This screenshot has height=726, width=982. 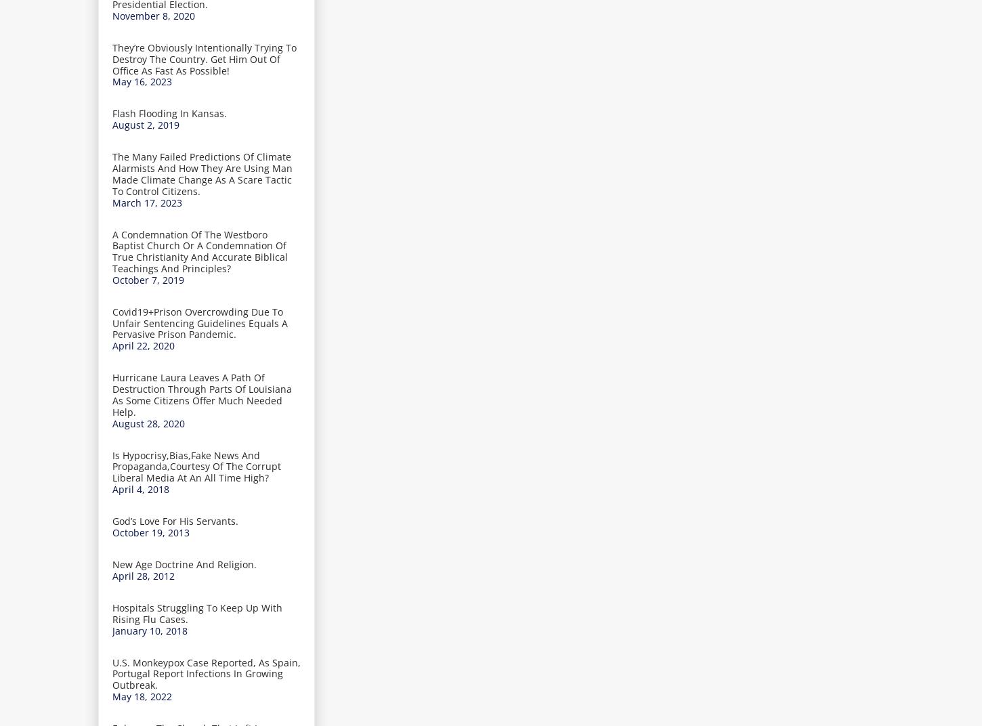 What do you see at coordinates (197, 612) in the screenshot?
I see `'Hospitals Struggling To Keep Up With Rising Flu Cases.'` at bounding box center [197, 612].